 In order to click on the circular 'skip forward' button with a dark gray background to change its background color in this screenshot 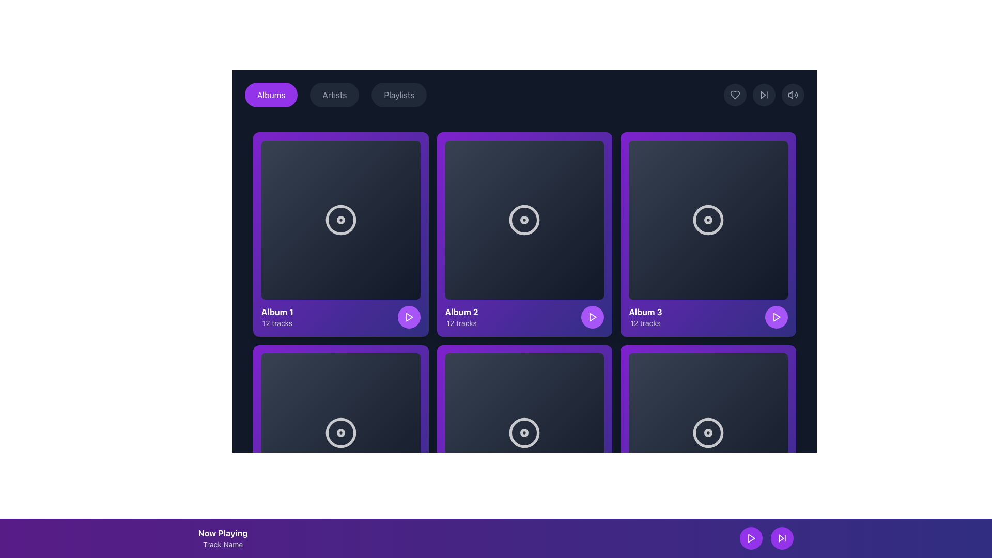, I will do `click(764, 95)`.